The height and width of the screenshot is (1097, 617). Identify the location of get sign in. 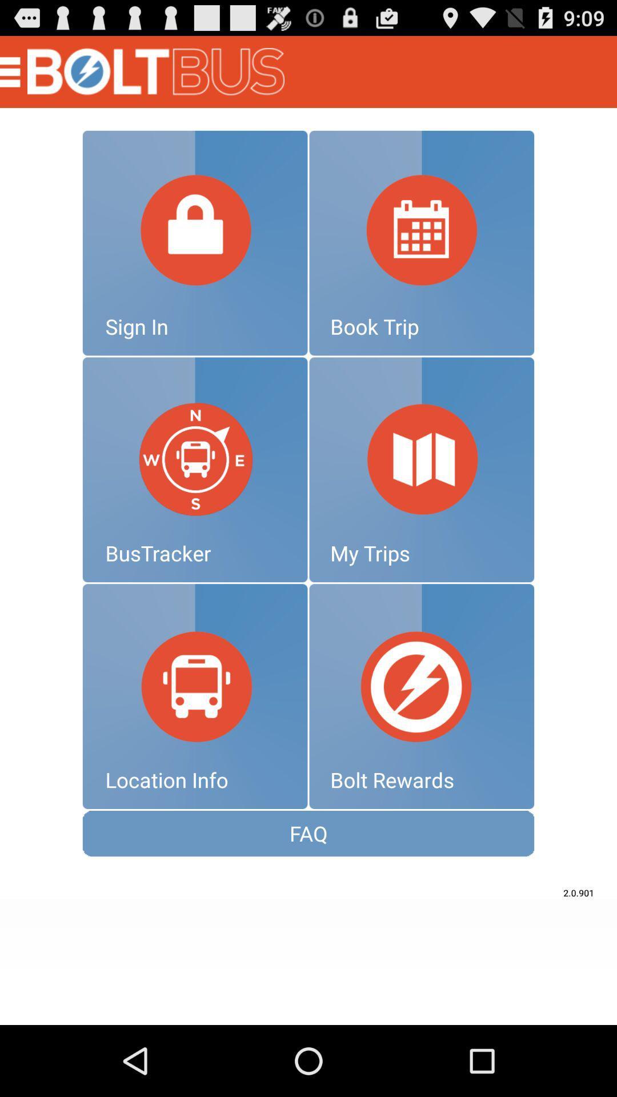
(194, 242).